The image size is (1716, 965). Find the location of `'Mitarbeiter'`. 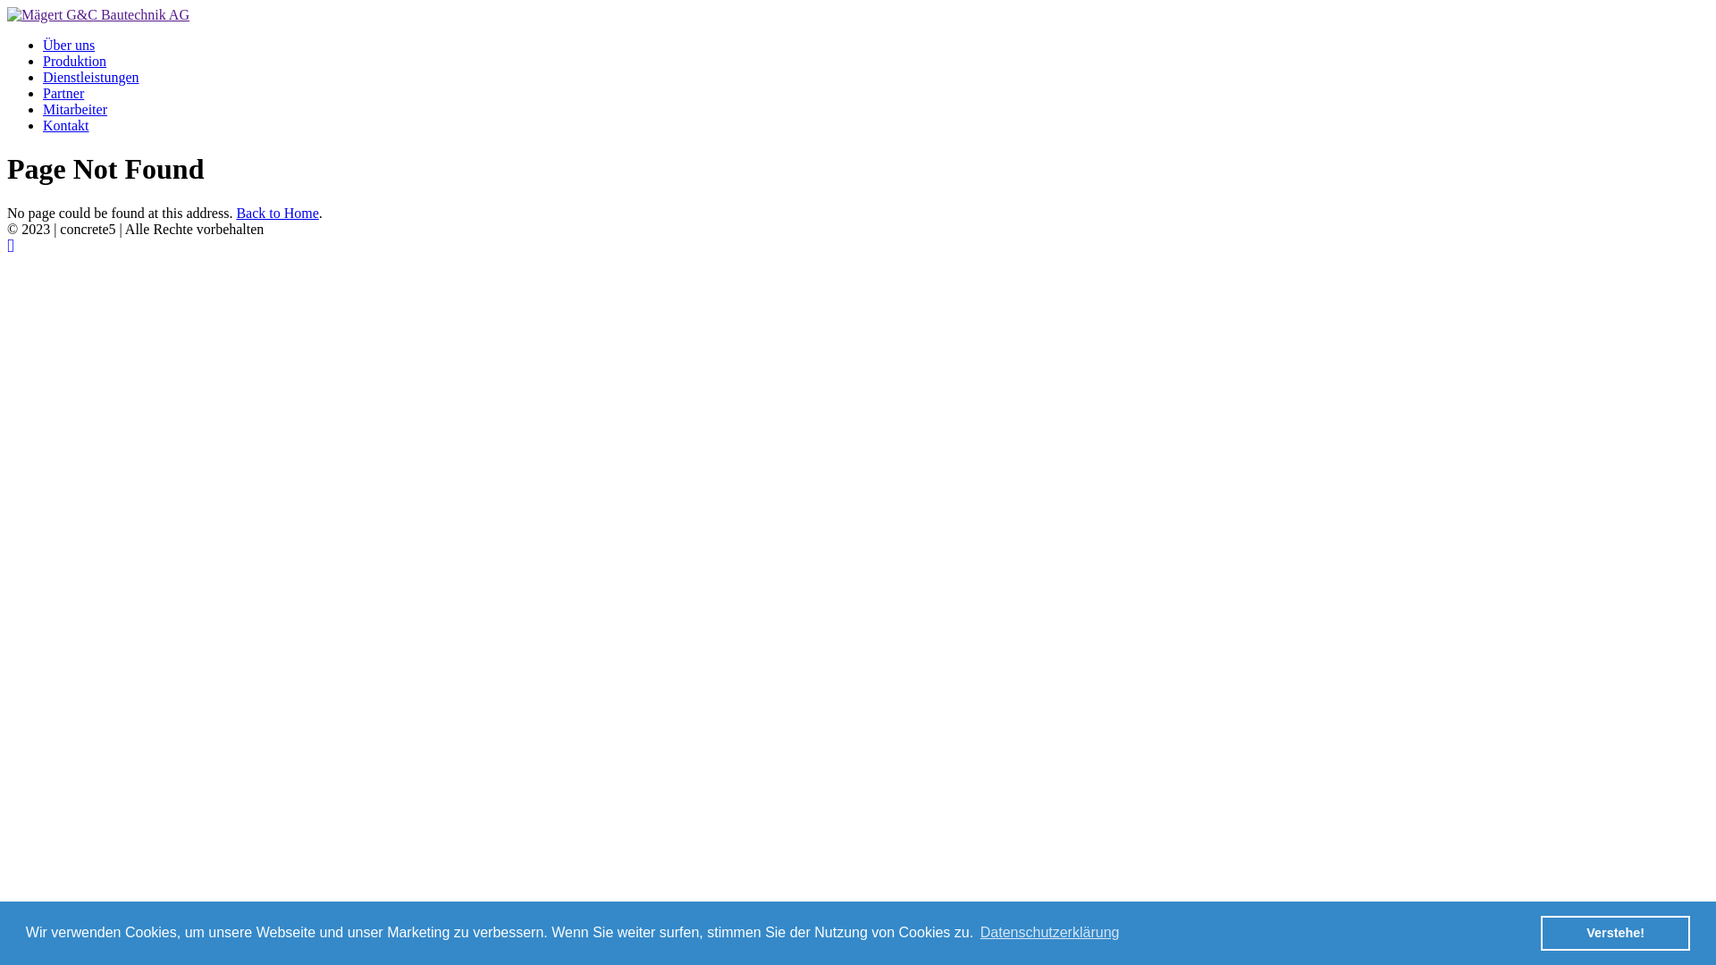

'Mitarbeiter' is located at coordinates (73, 109).